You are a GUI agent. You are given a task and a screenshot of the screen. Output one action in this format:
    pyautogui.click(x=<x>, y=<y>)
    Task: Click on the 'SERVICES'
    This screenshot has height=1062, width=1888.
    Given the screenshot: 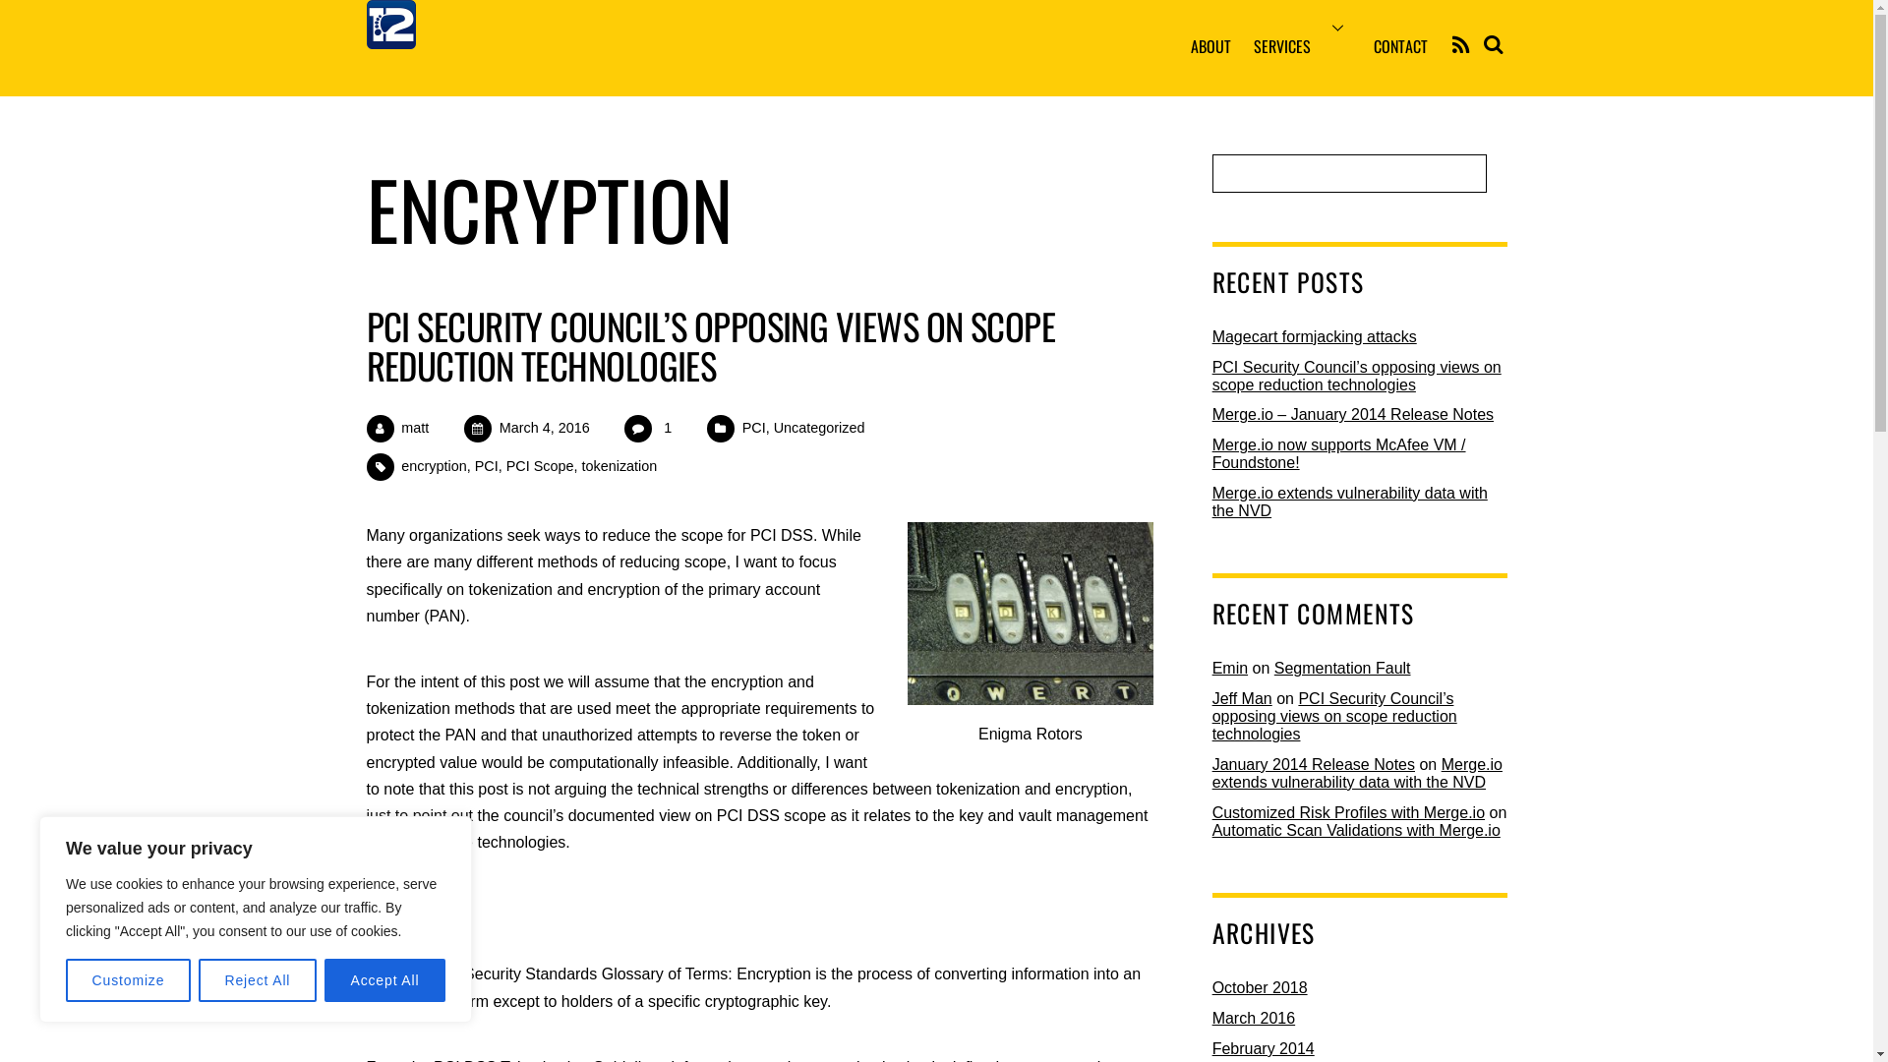 What is the action you would take?
    pyautogui.click(x=1302, y=47)
    